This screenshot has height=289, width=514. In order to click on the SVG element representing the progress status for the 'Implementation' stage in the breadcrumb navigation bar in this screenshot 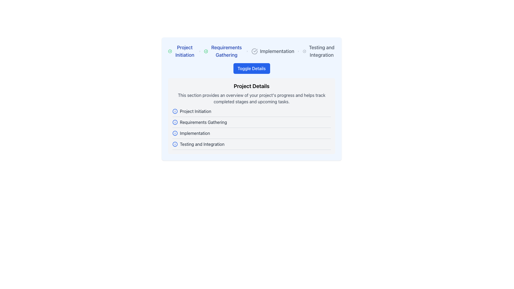, I will do `click(254, 51)`.